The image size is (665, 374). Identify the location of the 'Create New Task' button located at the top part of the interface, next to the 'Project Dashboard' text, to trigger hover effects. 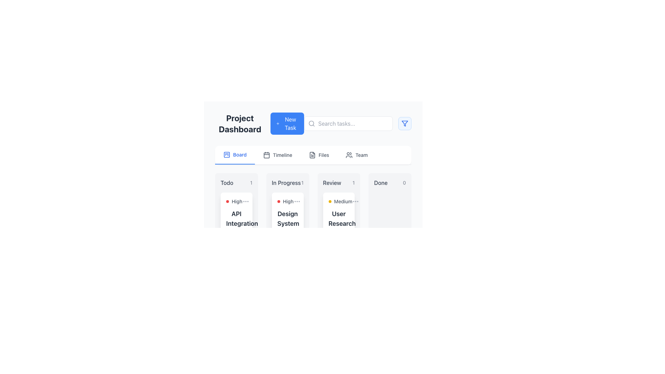
(287, 123).